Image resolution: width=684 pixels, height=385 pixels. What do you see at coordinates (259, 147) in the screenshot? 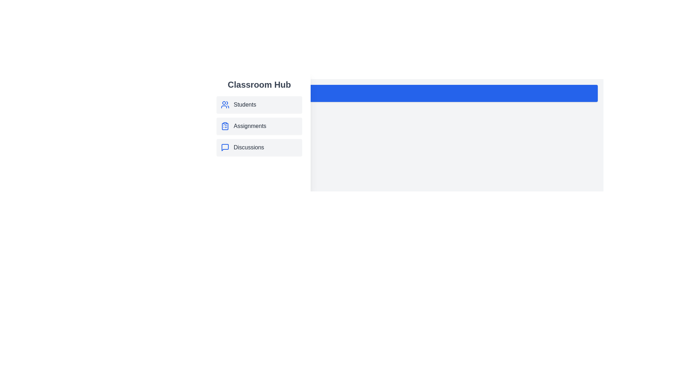
I see `the 'Discussions' section in the drawer` at bounding box center [259, 147].